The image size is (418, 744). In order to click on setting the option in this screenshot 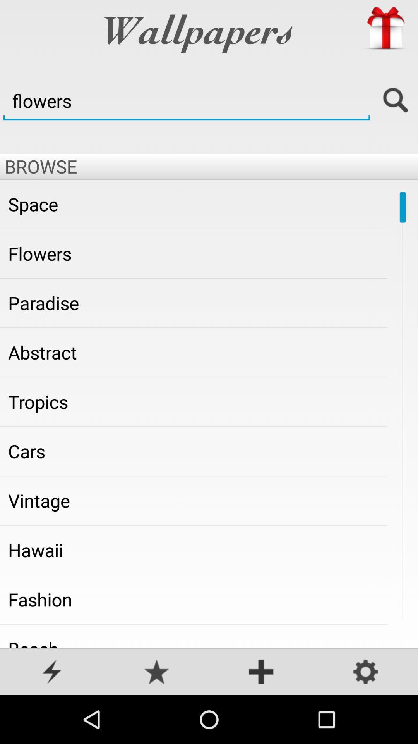, I will do `click(366, 672)`.